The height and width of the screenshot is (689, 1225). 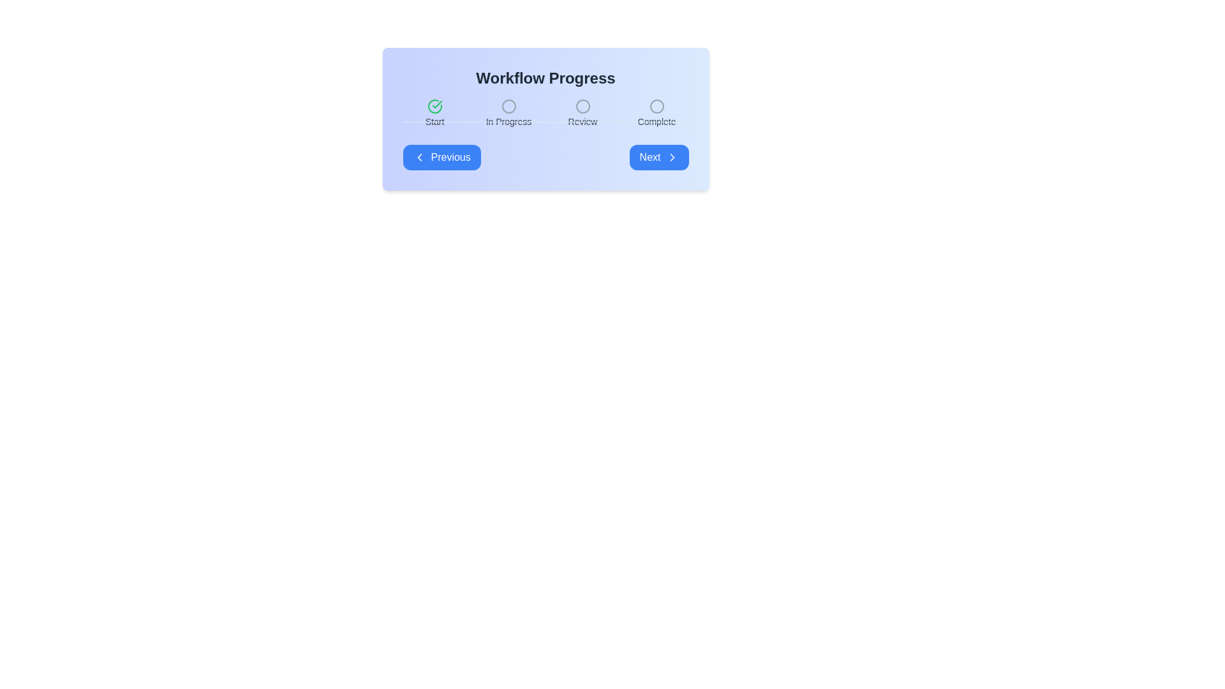 What do you see at coordinates (508, 105) in the screenshot?
I see `the Circle Indicator Icon that represents the 'In Progress' status in the workflow tracker, located between the 'Start' and 'Review' steps` at bounding box center [508, 105].